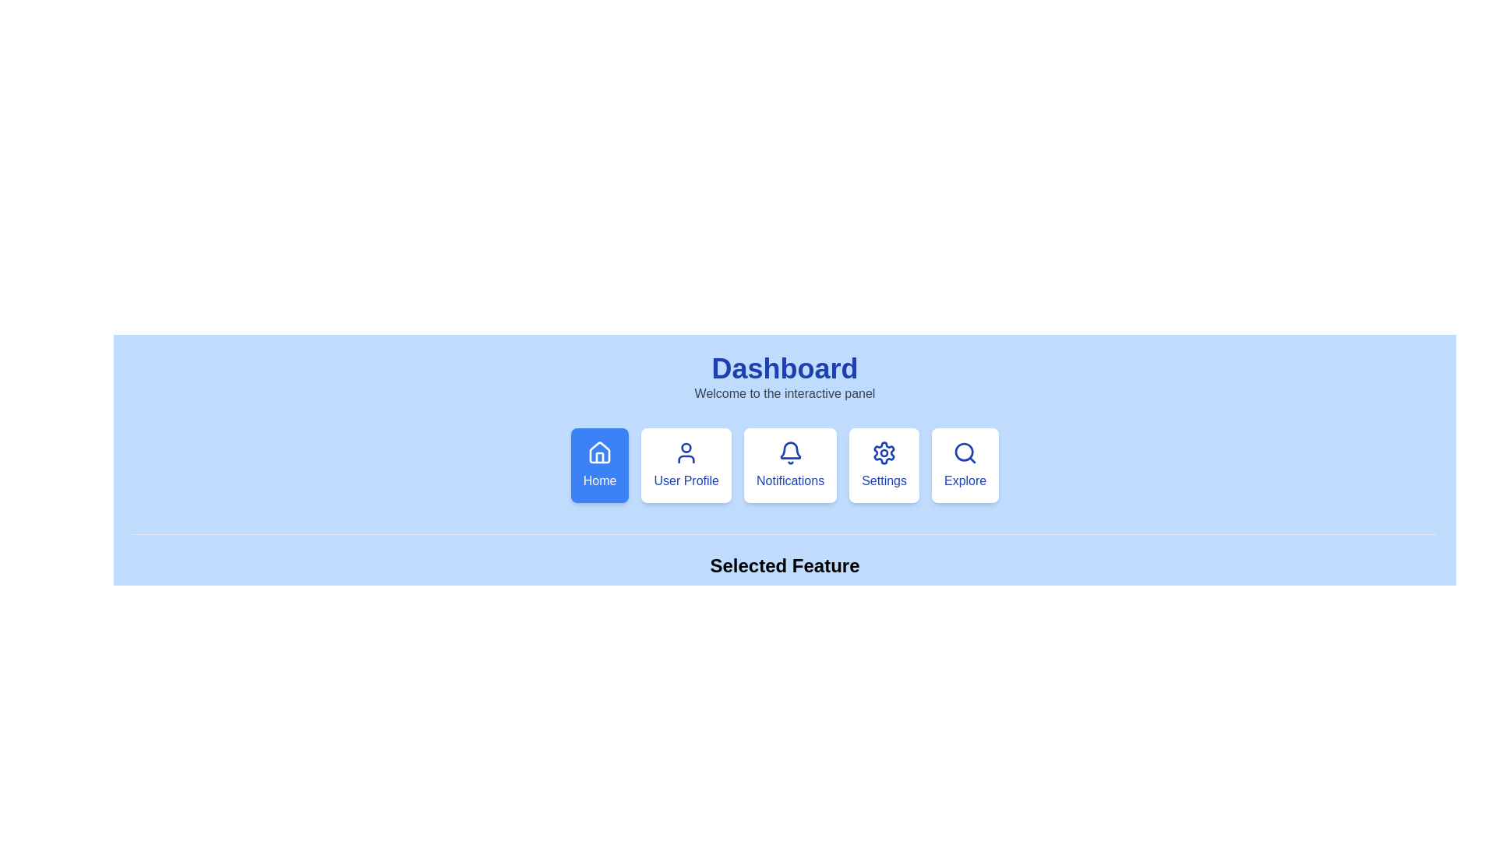 The image size is (1496, 841). Describe the element at coordinates (790, 453) in the screenshot. I see `the notifications bell icon located in the main navigation menu` at that location.